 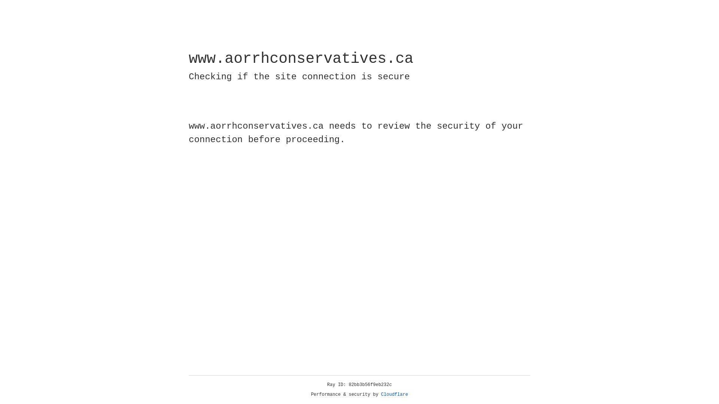 What do you see at coordinates (394, 394) in the screenshot?
I see `'Cloudflare'` at bounding box center [394, 394].